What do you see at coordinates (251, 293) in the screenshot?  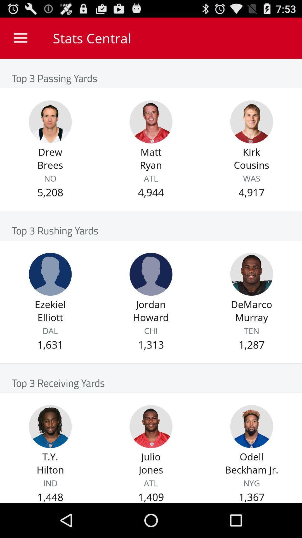 I see `the avatar icon` at bounding box center [251, 293].